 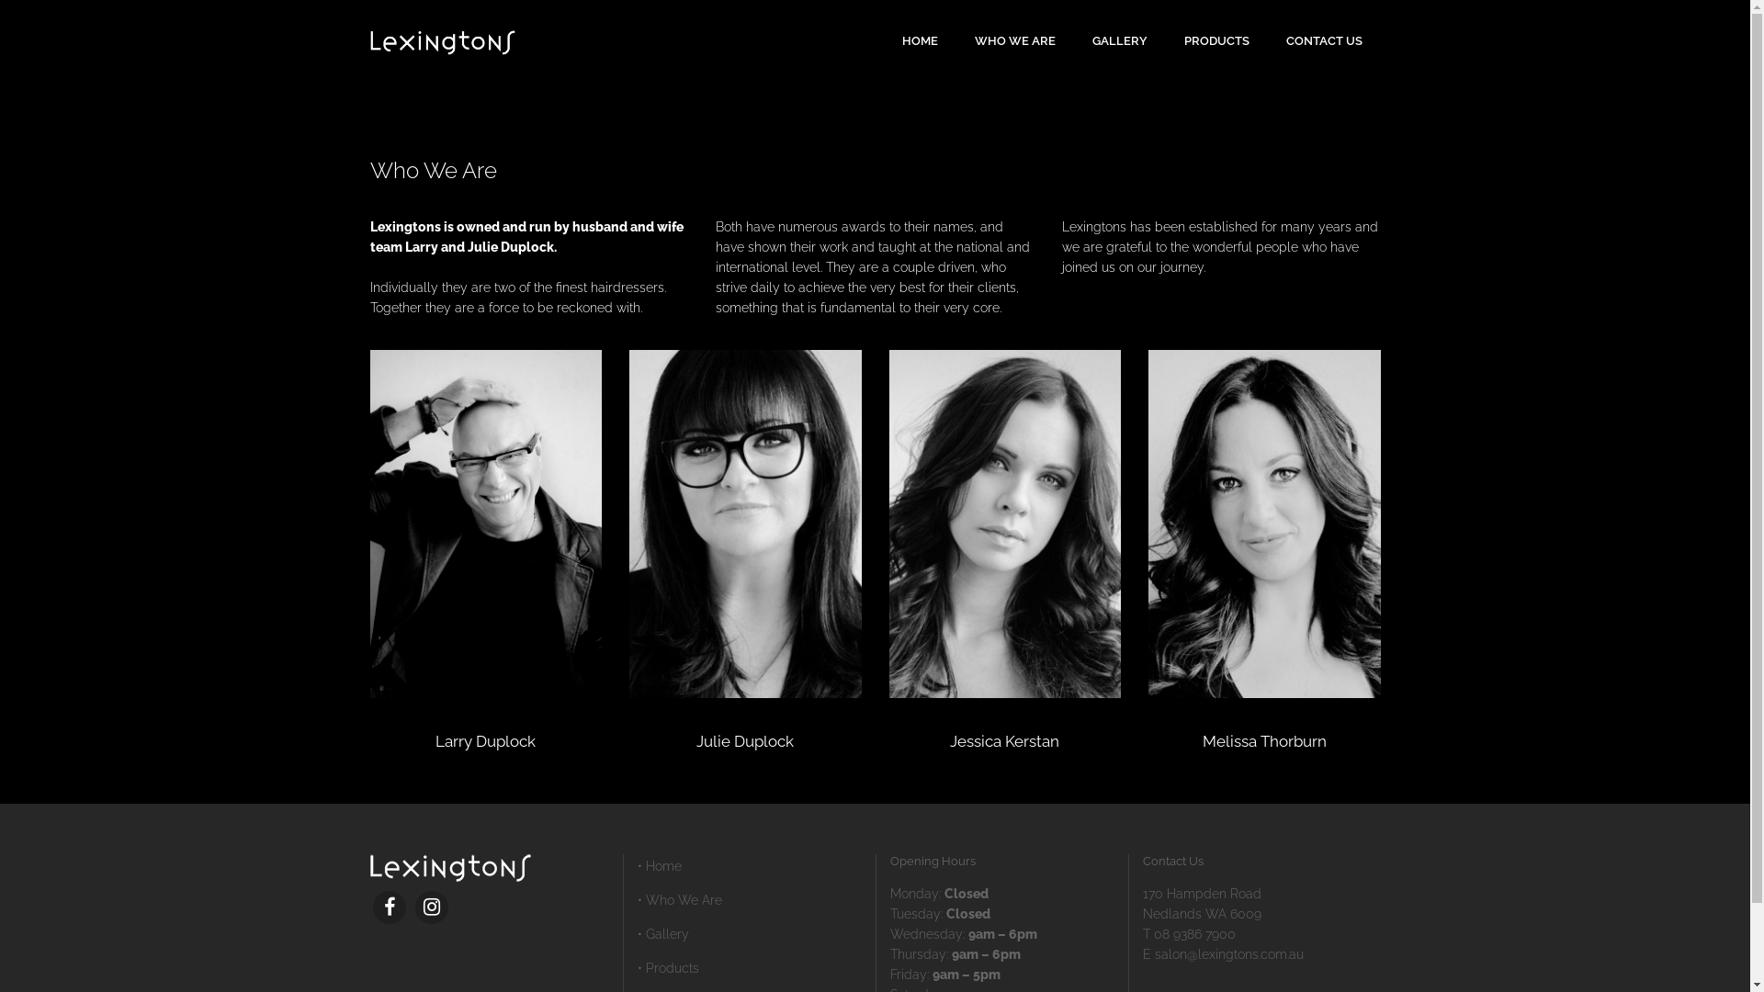 What do you see at coordinates (1263, 524) in the screenshot?
I see `'Mel'` at bounding box center [1263, 524].